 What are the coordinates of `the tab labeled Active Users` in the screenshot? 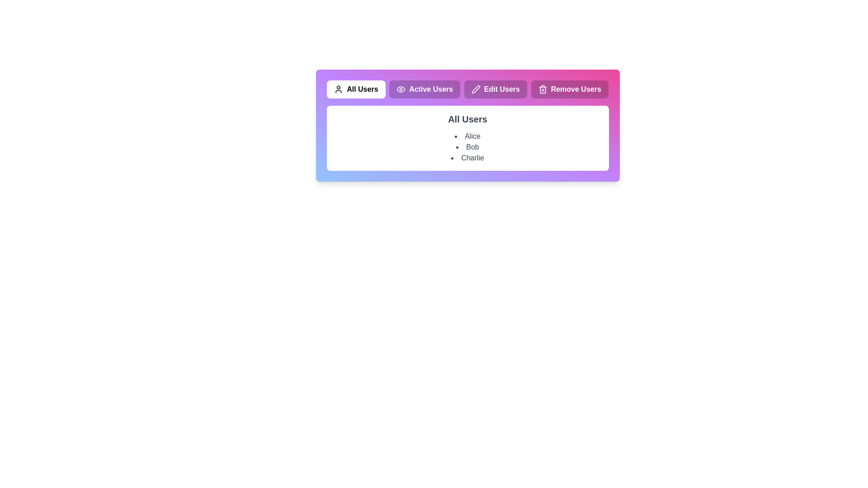 It's located at (424, 89).